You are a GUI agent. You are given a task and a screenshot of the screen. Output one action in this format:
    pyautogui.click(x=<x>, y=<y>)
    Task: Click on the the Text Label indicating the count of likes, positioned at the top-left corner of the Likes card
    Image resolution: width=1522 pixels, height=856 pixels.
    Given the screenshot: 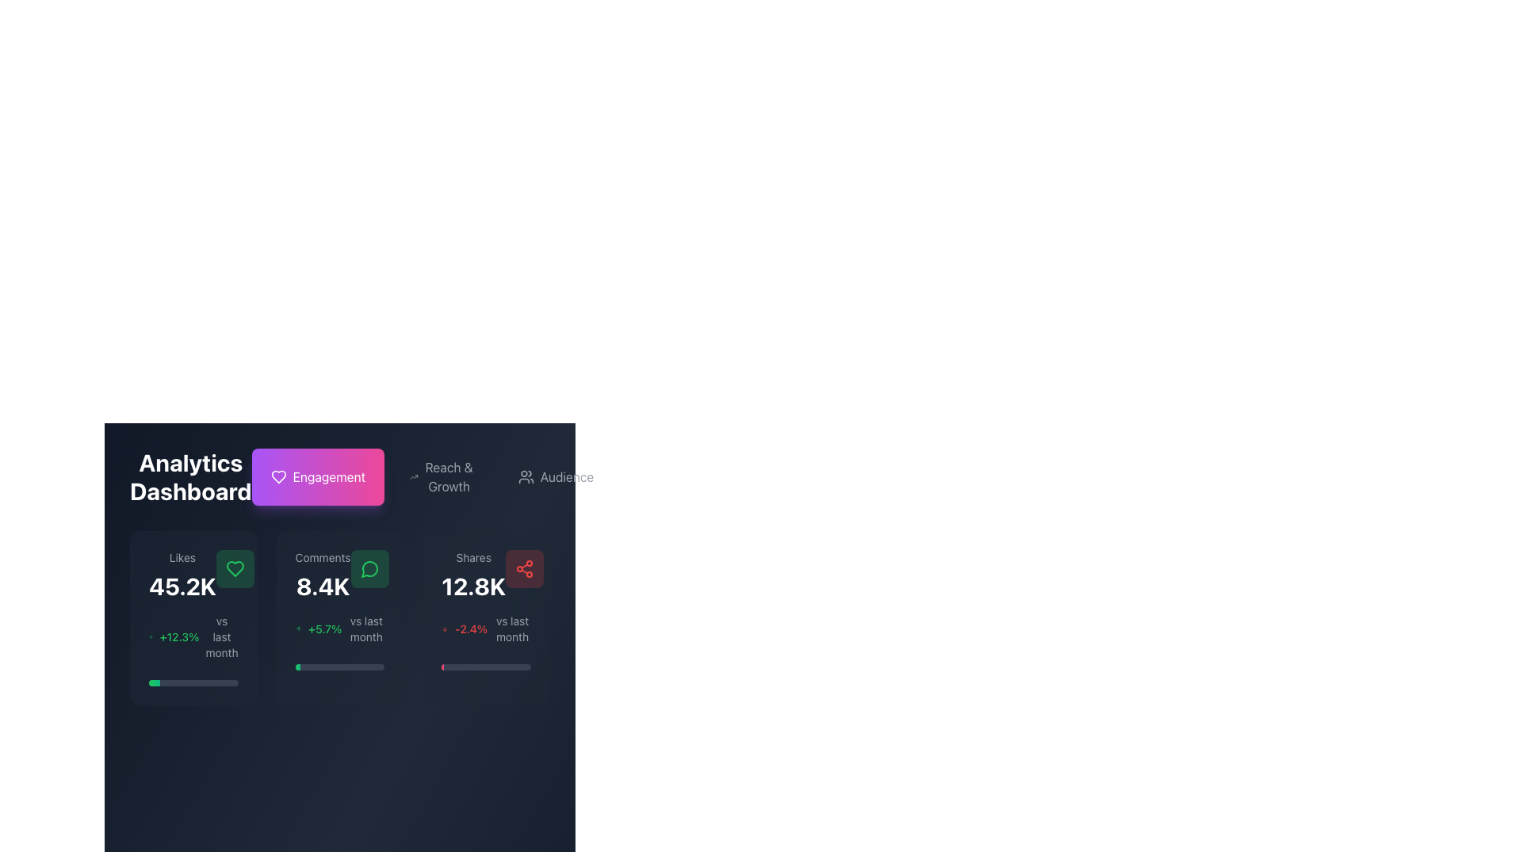 What is the action you would take?
    pyautogui.click(x=182, y=557)
    